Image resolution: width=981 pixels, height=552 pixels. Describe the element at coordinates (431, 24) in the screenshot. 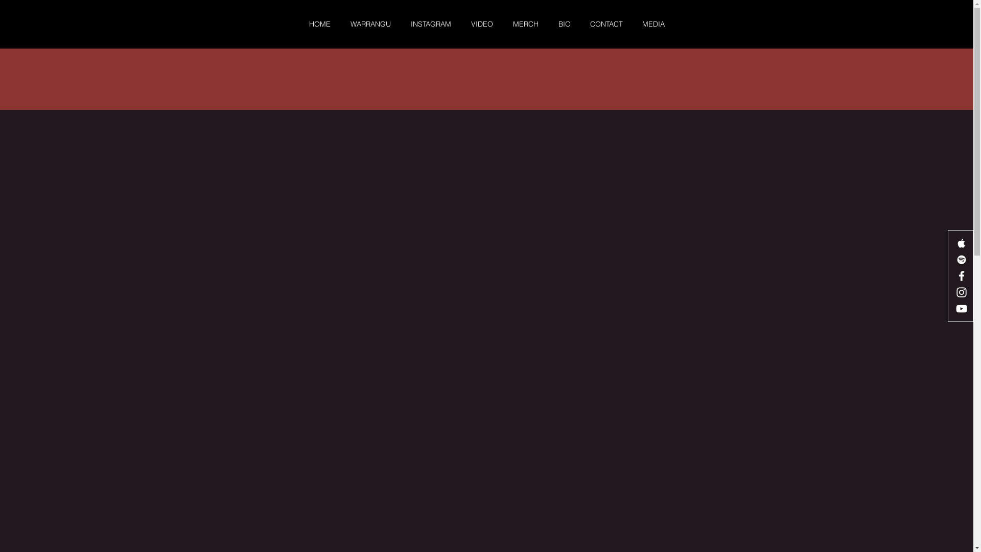

I see `'INSTAGRAM'` at that location.